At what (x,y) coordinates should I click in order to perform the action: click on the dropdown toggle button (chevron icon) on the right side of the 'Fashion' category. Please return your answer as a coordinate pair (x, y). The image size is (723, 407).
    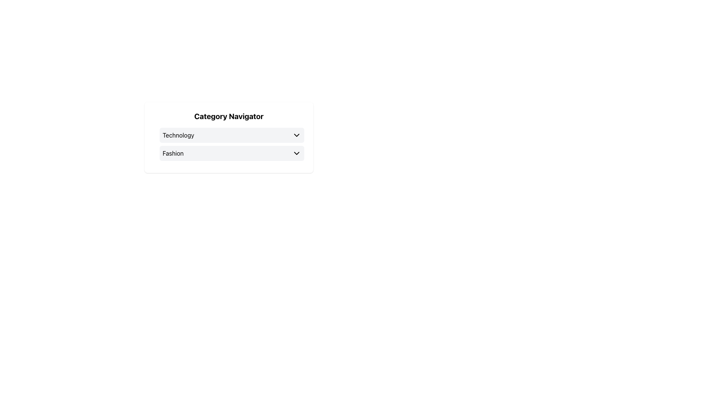
    Looking at the image, I should click on (296, 153).